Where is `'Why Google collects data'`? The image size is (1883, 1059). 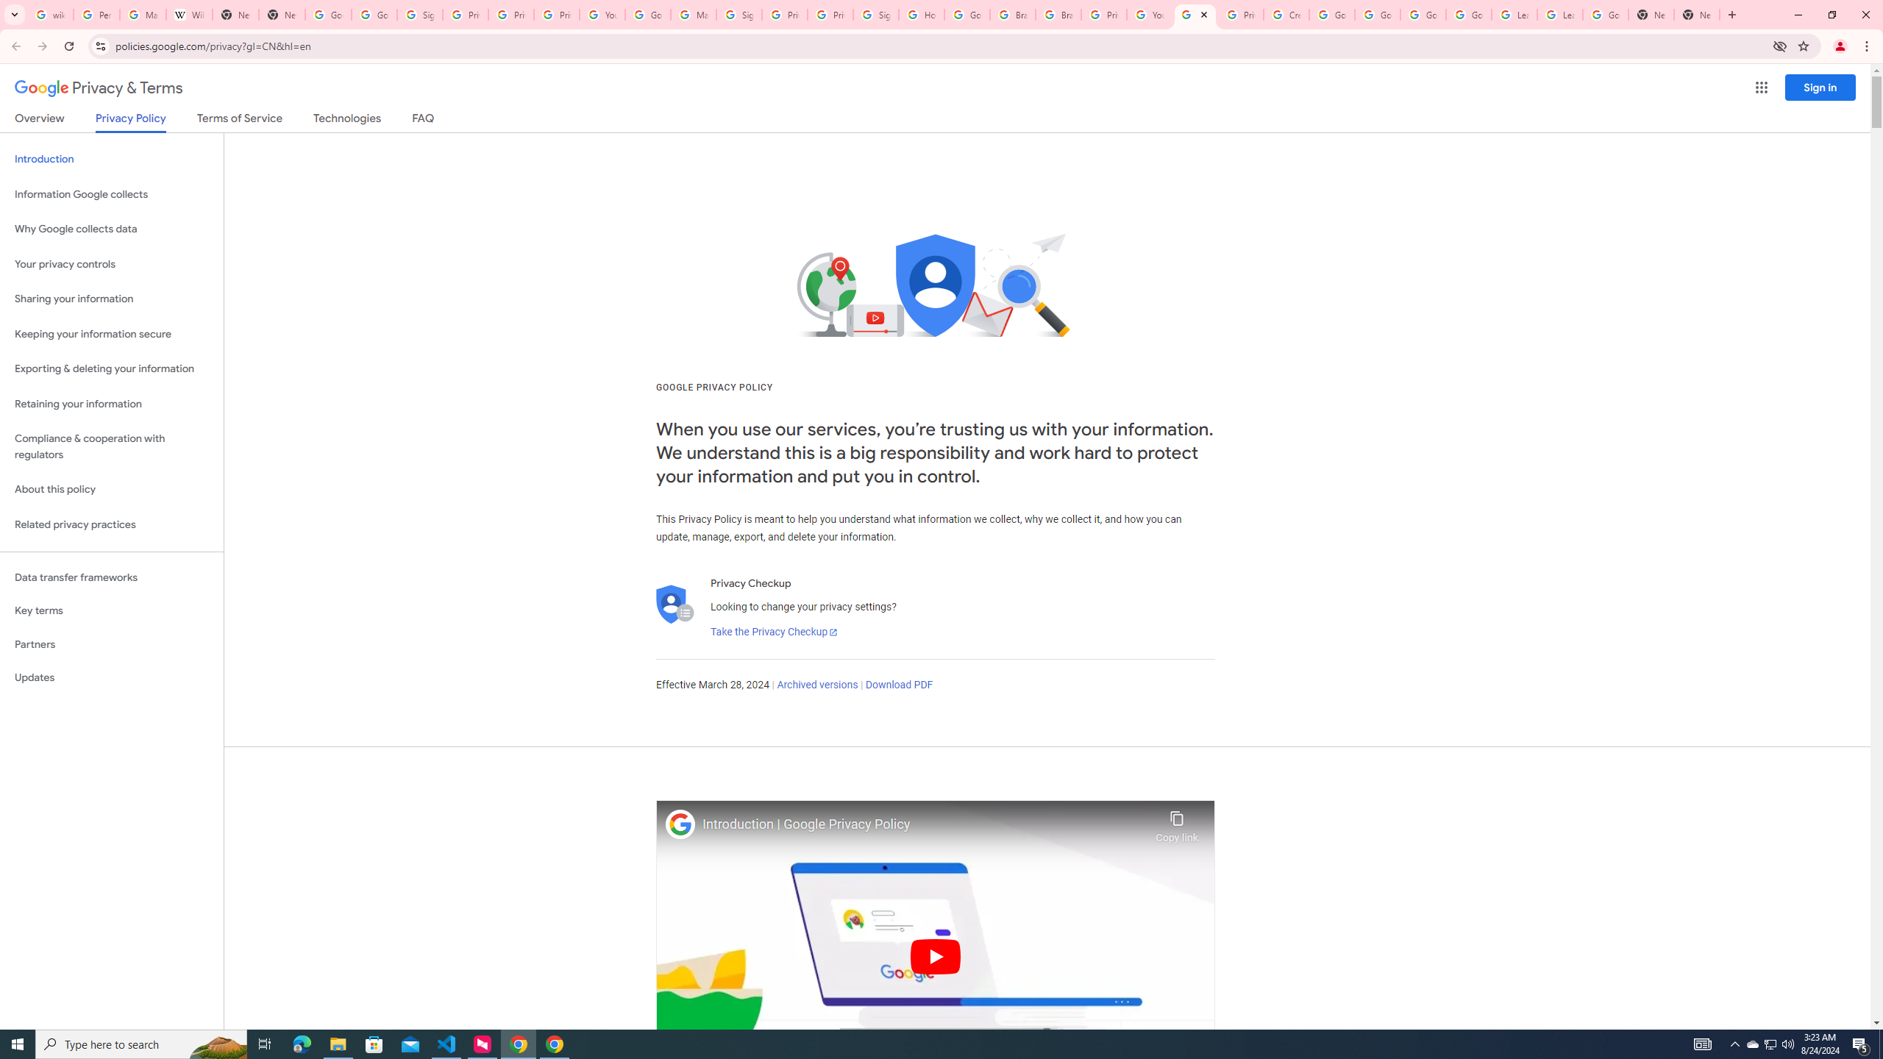 'Why Google collects data' is located at coordinates (111, 228).